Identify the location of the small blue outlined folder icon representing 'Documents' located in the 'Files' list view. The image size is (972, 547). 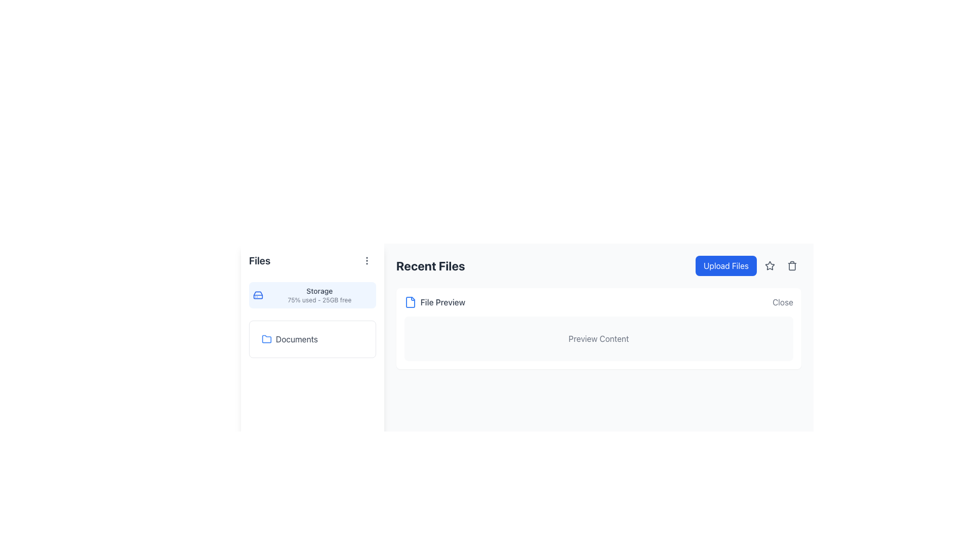
(267, 339).